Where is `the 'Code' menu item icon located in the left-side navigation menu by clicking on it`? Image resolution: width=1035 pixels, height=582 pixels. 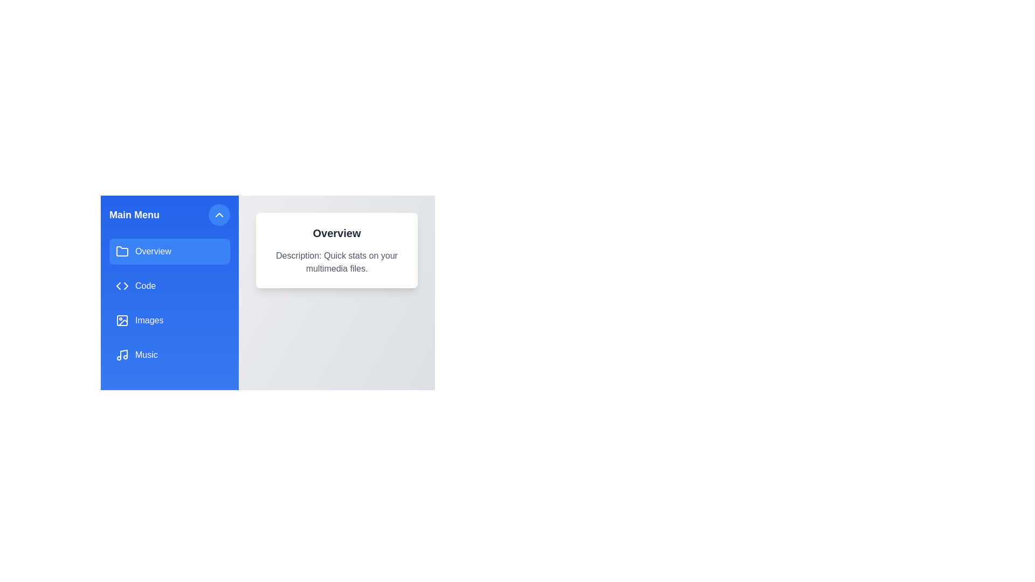 the 'Code' menu item icon located in the left-side navigation menu by clicking on it is located at coordinates (122, 286).